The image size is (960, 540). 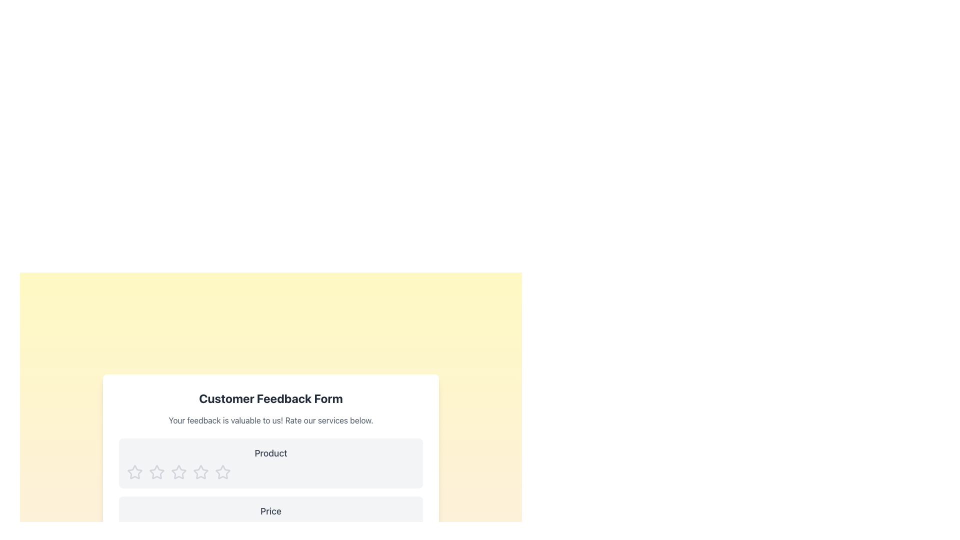 What do you see at coordinates (271, 398) in the screenshot?
I see `the heading text of the feedback form, which is located at the top-center of the form and serves as its title` at bounding box center [271, 398].